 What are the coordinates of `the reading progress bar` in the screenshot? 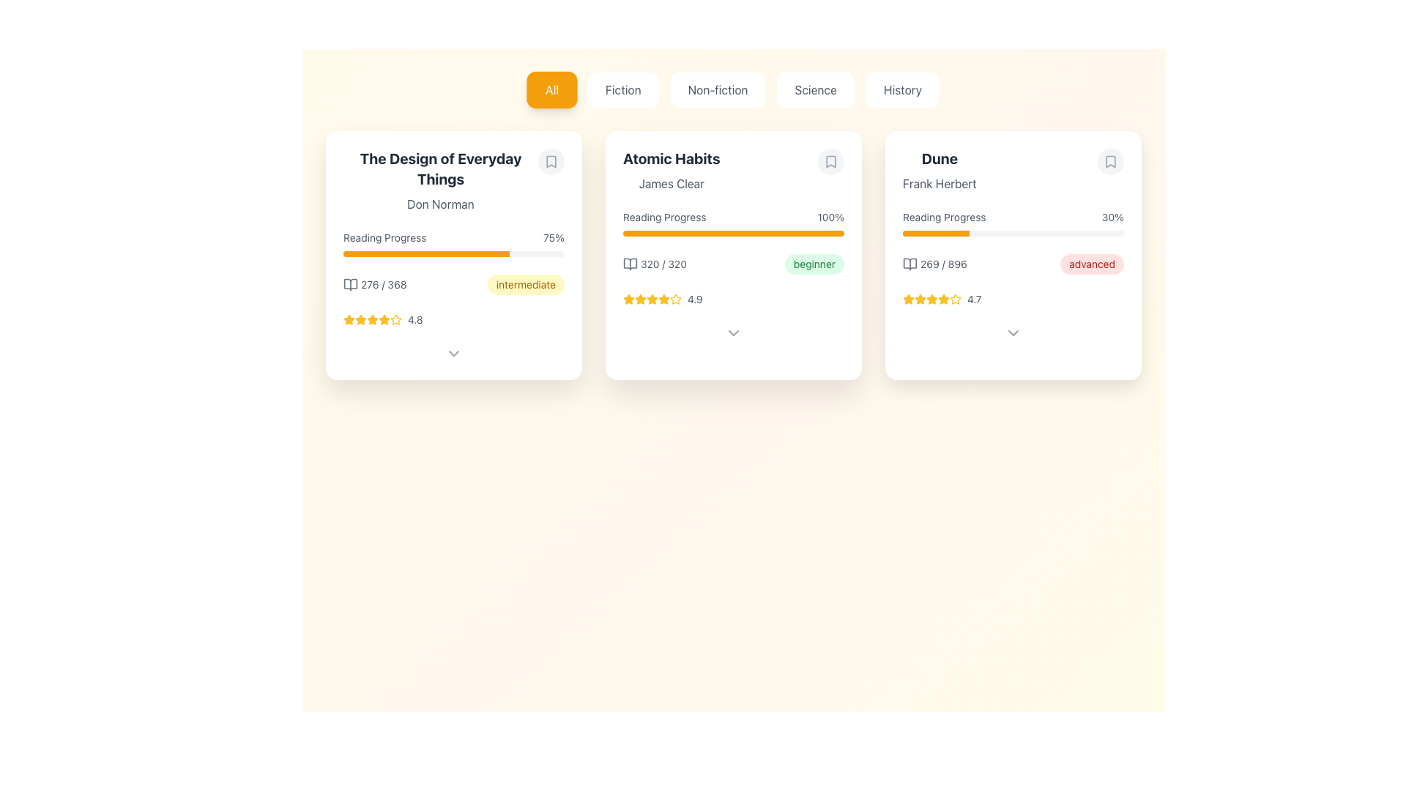 It's located at (382, 253).